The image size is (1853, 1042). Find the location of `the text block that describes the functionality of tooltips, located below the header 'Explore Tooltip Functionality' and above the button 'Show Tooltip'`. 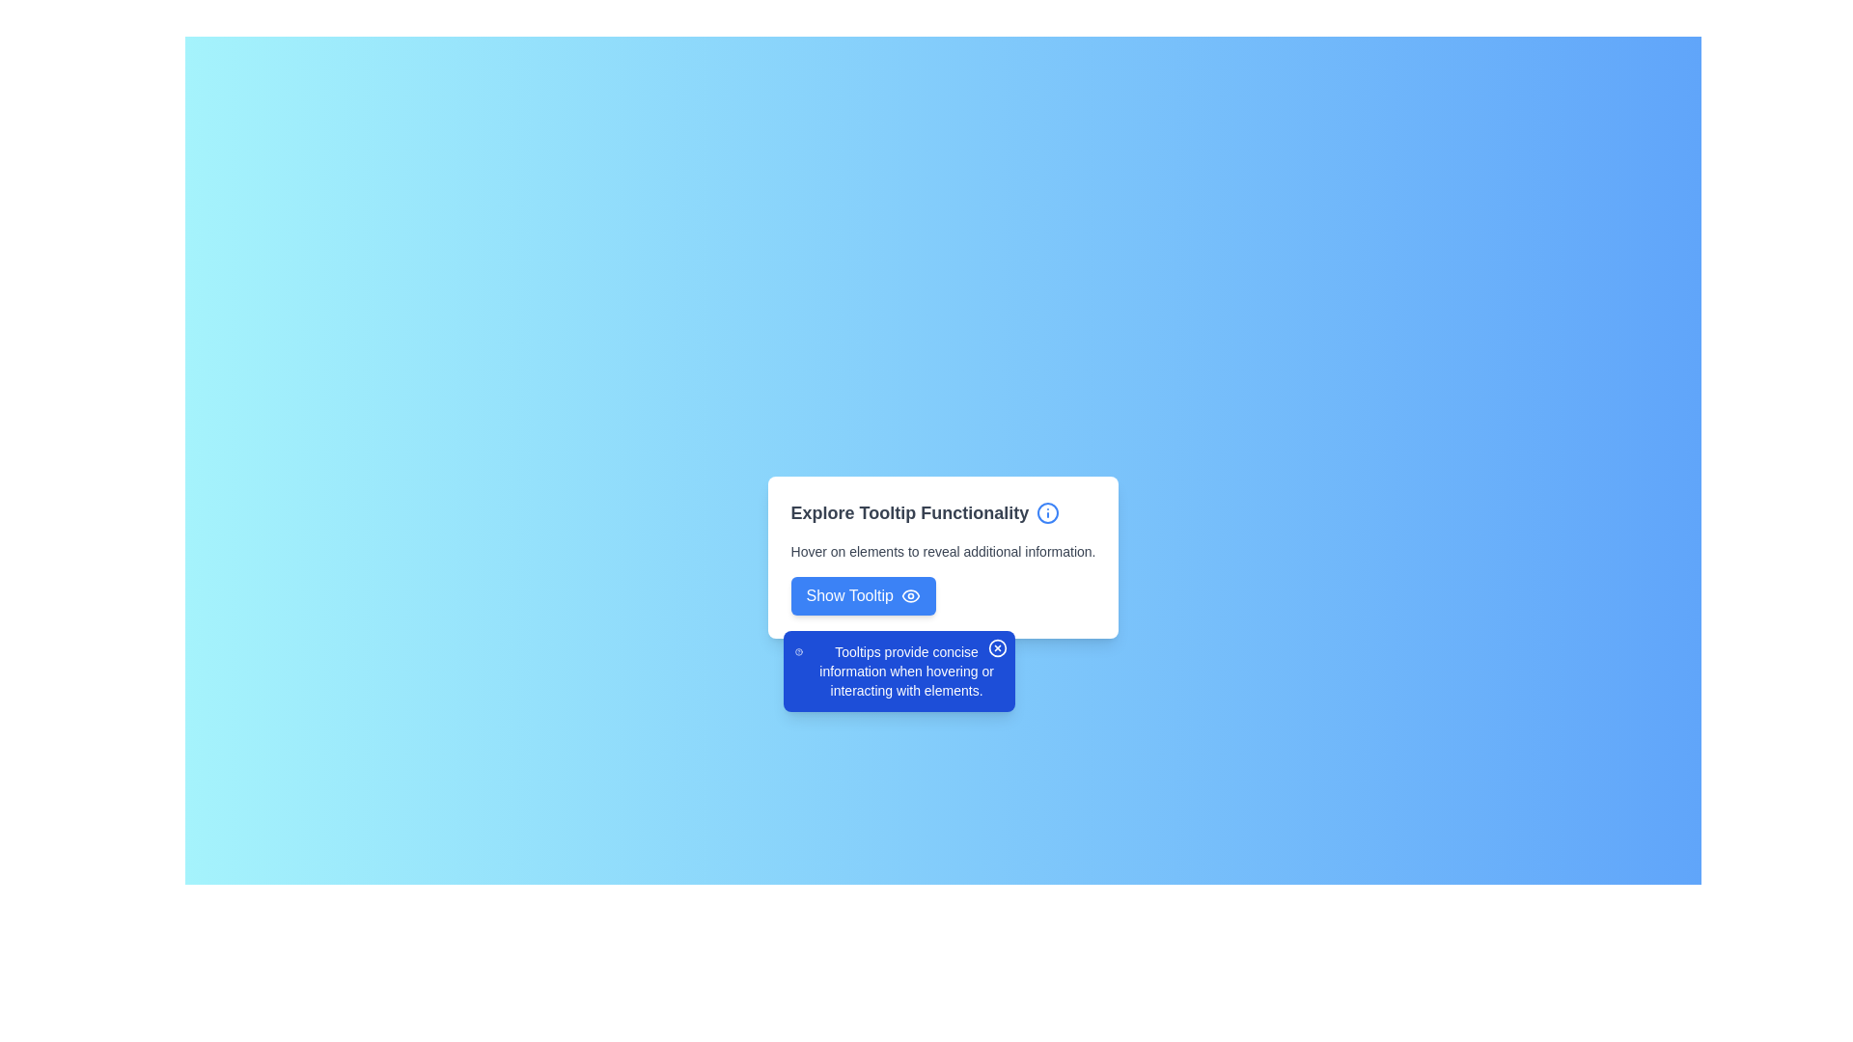

the text block that describes the functionality of tooltips, located below the header 'Explore Tooltip Functionality' and above the button 'Show Tooltip' is located at coordinates (943, 558).